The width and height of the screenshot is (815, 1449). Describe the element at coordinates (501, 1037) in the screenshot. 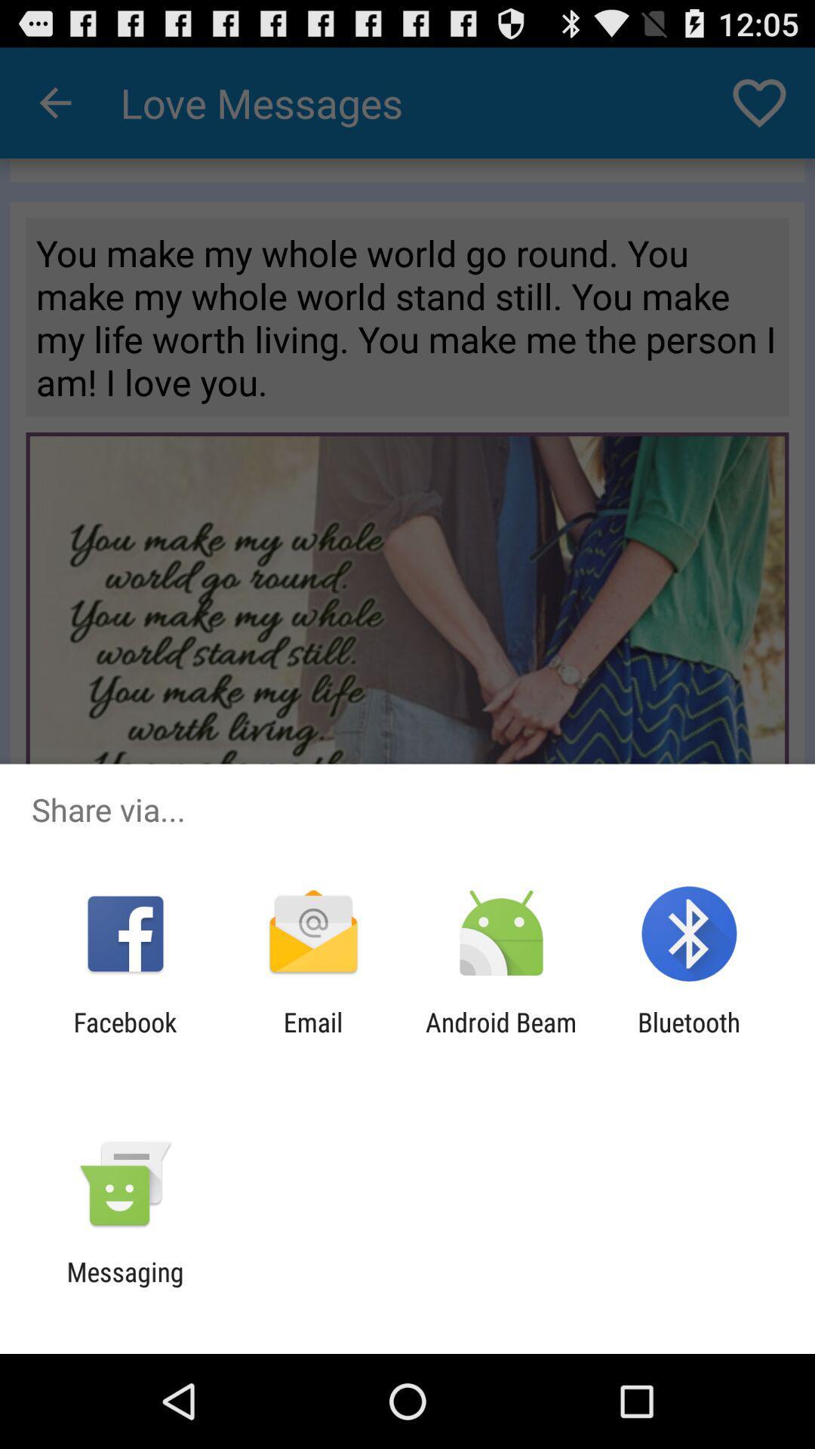

I see `icon next to bluetooth icon` at that location.